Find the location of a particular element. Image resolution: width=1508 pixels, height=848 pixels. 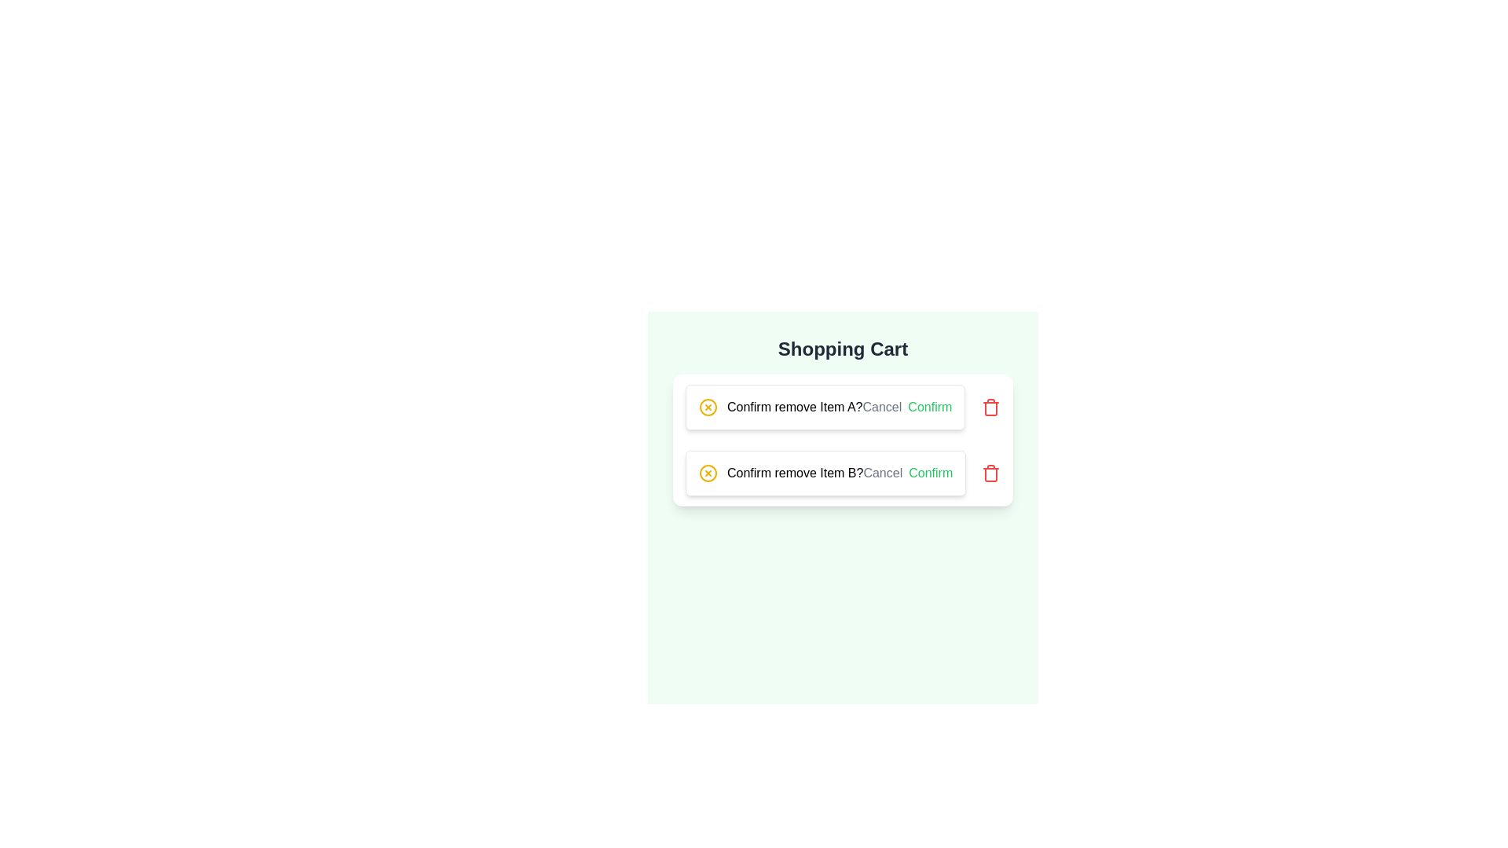

the Confirm button located at the bottom-right corner of the modal dialog box to finalize the action is located at coordinates (931, 472).